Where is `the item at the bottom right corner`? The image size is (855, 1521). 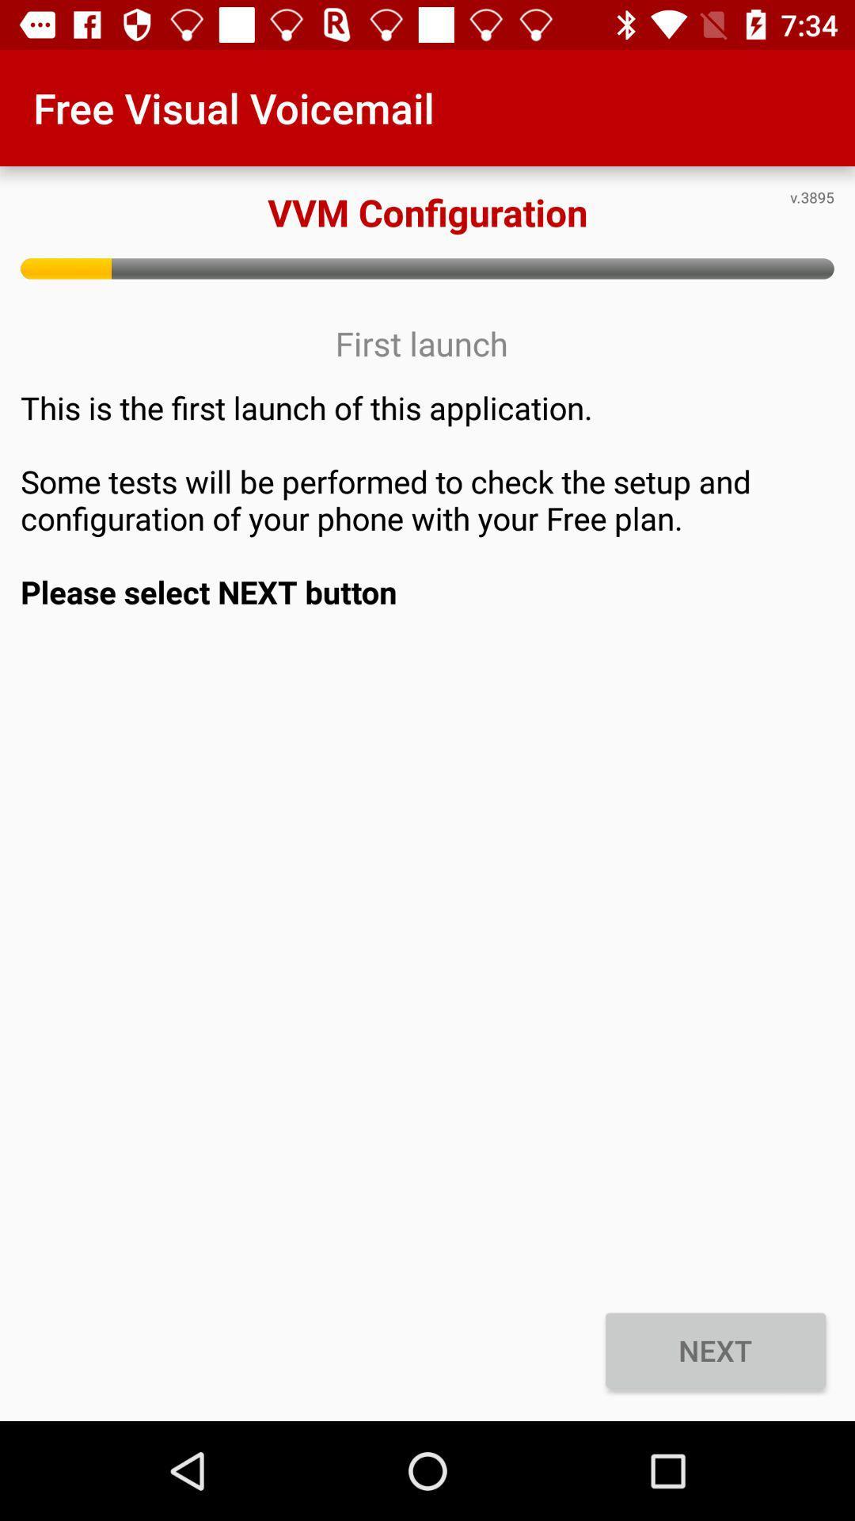
the item at the bottom right corner is located at coordinates (716, 1349).